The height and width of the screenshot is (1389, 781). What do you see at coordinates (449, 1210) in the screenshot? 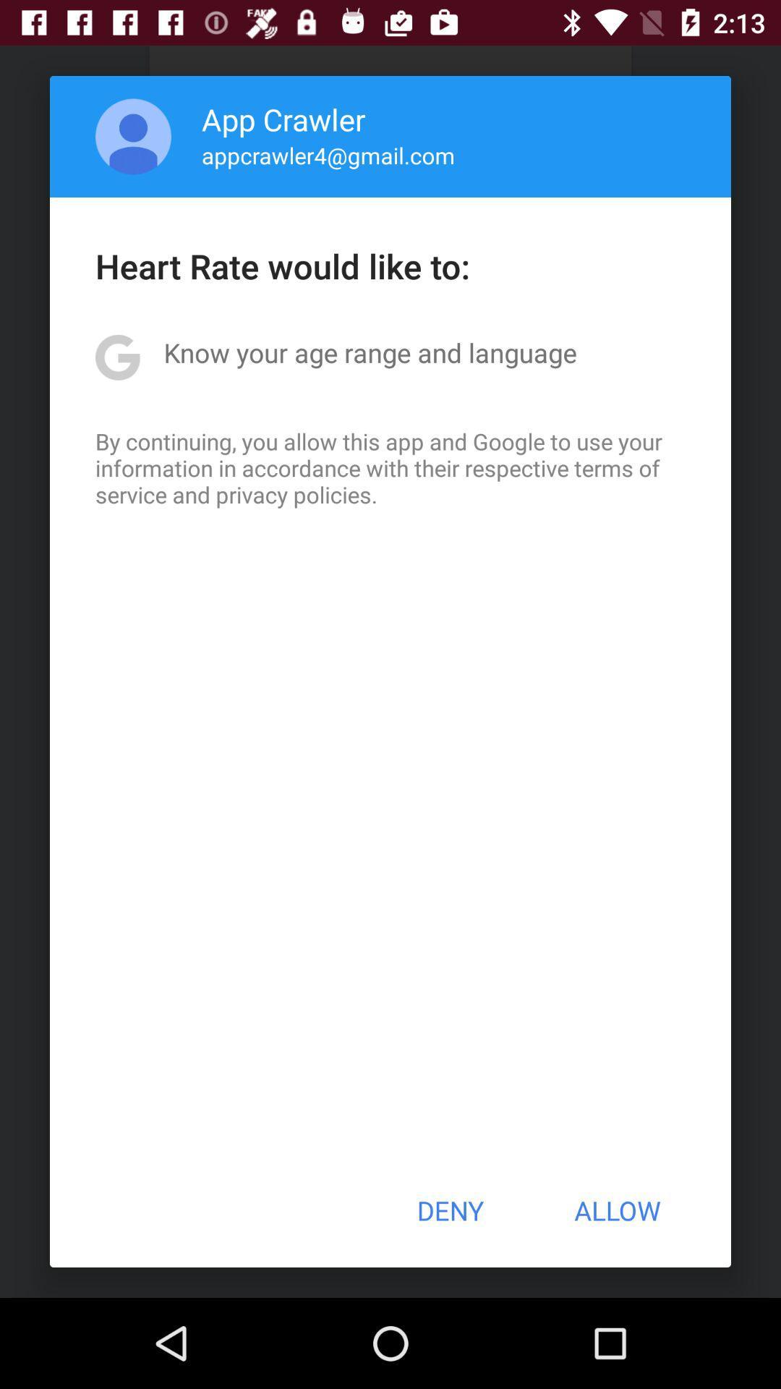
I see `item at the bottom` at bounding box center [449, 1210].